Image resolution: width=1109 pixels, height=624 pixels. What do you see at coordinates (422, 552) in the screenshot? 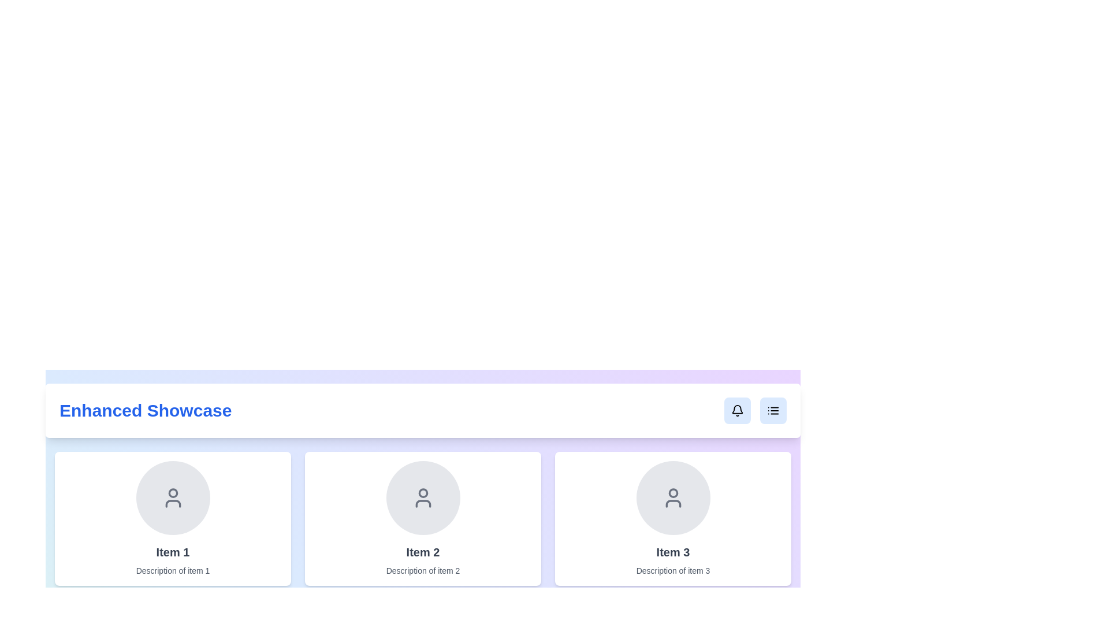
I see `text content of the bold title located in the middle card of a three-card layout, positioned beneath the circular icon and above the description 'Description of item 2'` at bounding box center [422, 552].